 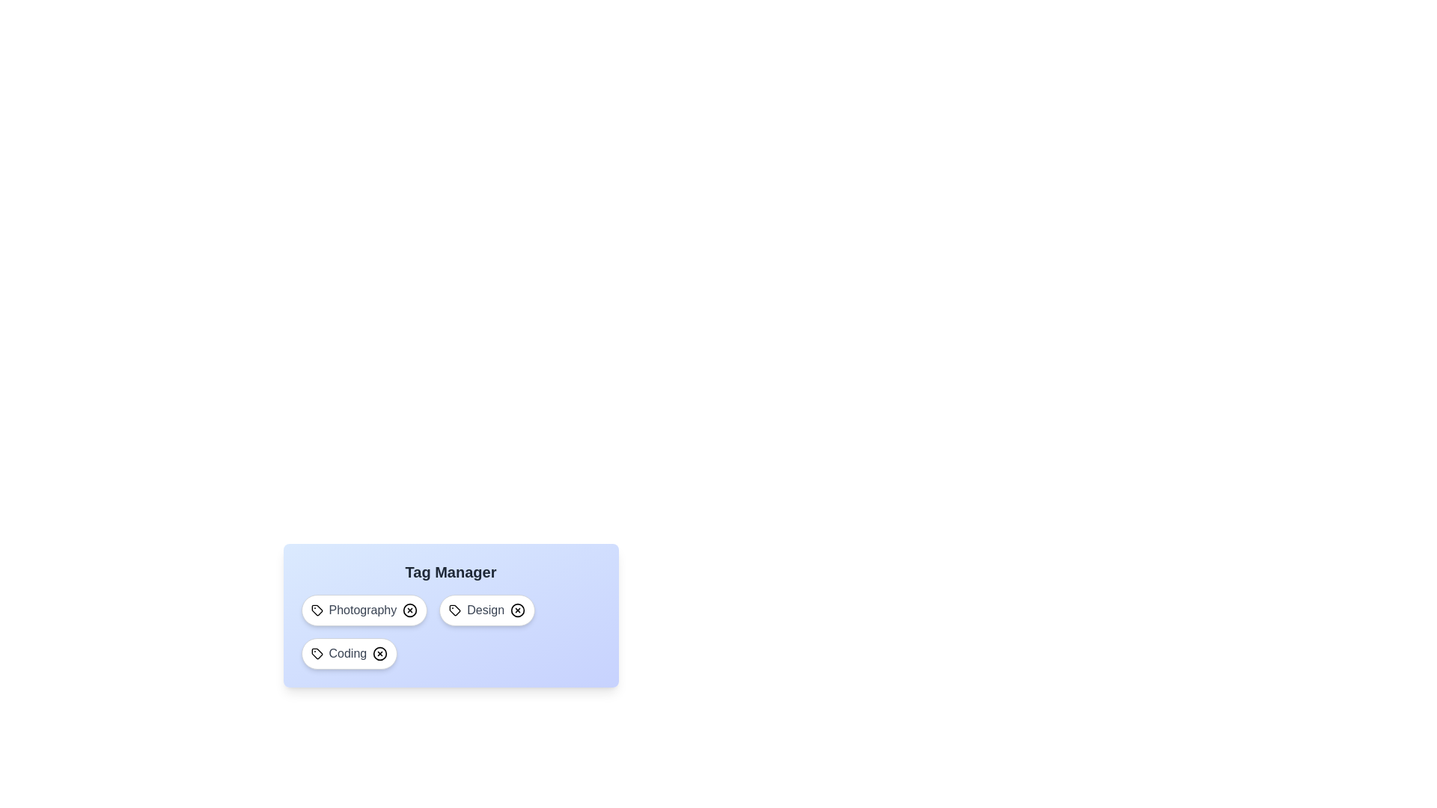 What do you see at coordinates (348, 653) in the screenshot?
I see `the tag labeled Coding` at bounding box center [348, 653].